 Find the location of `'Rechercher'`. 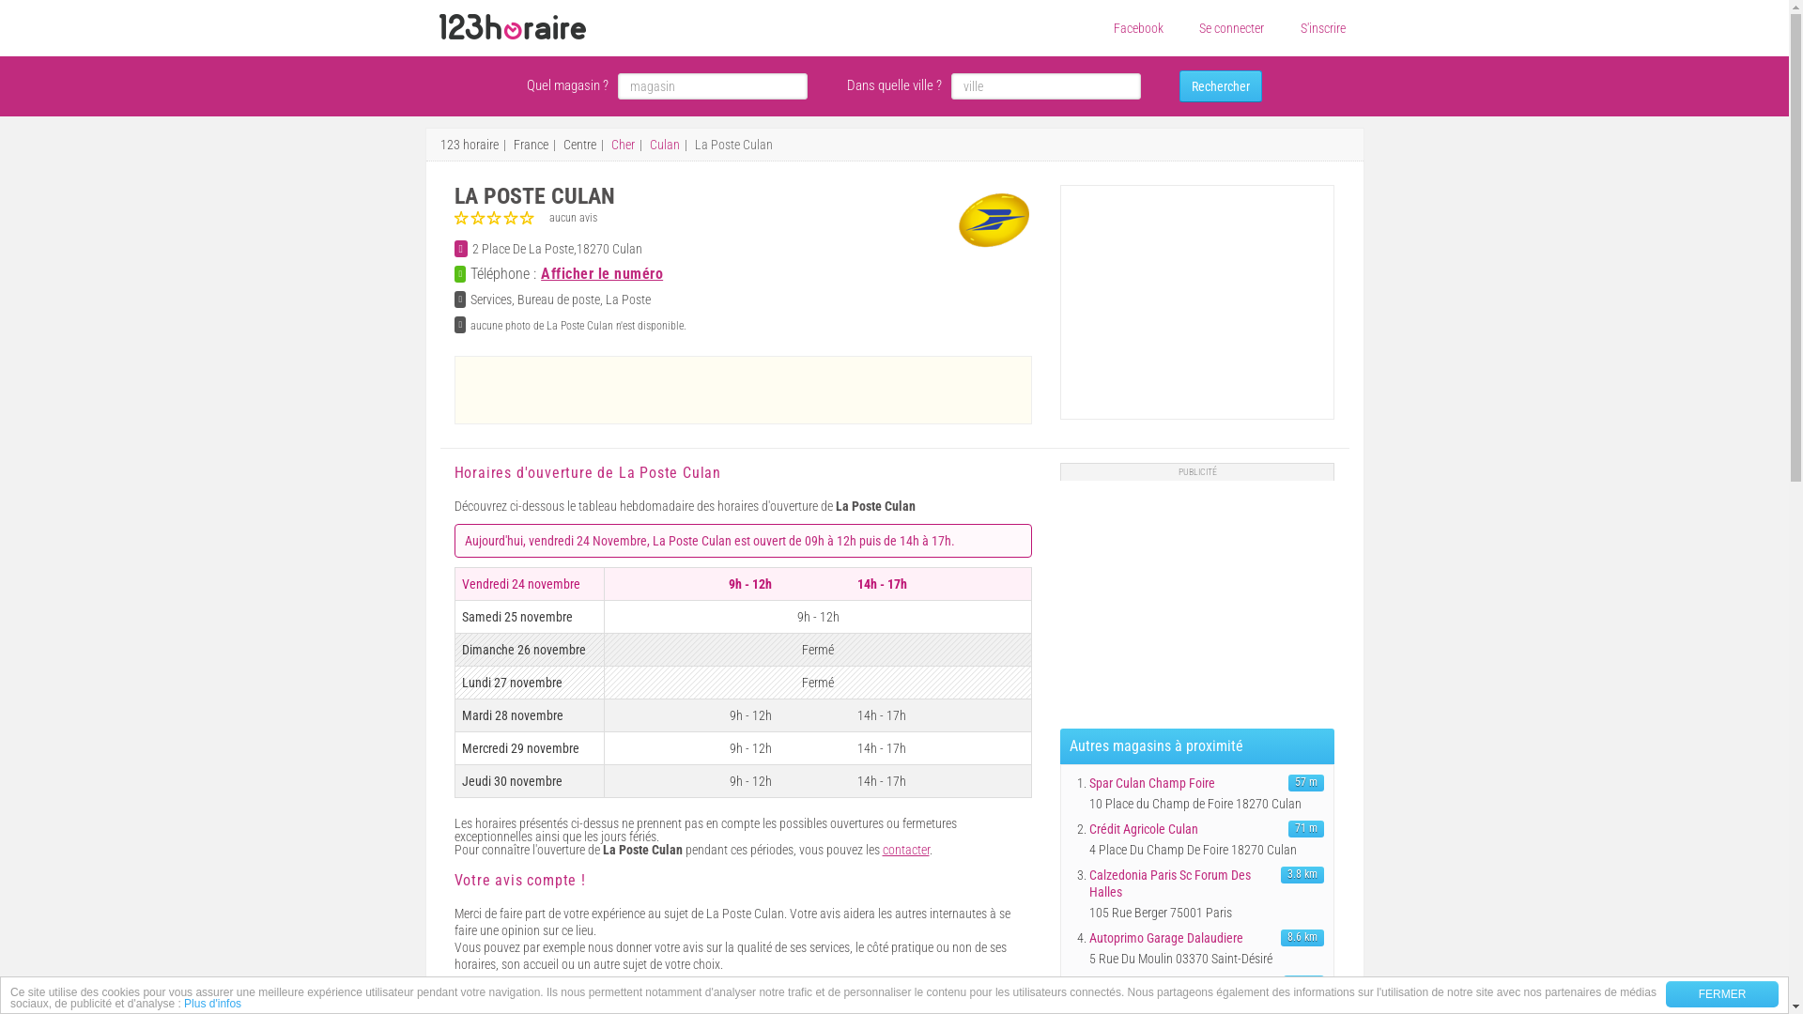

'Rechercher' is located at coordinates (1179, 86).